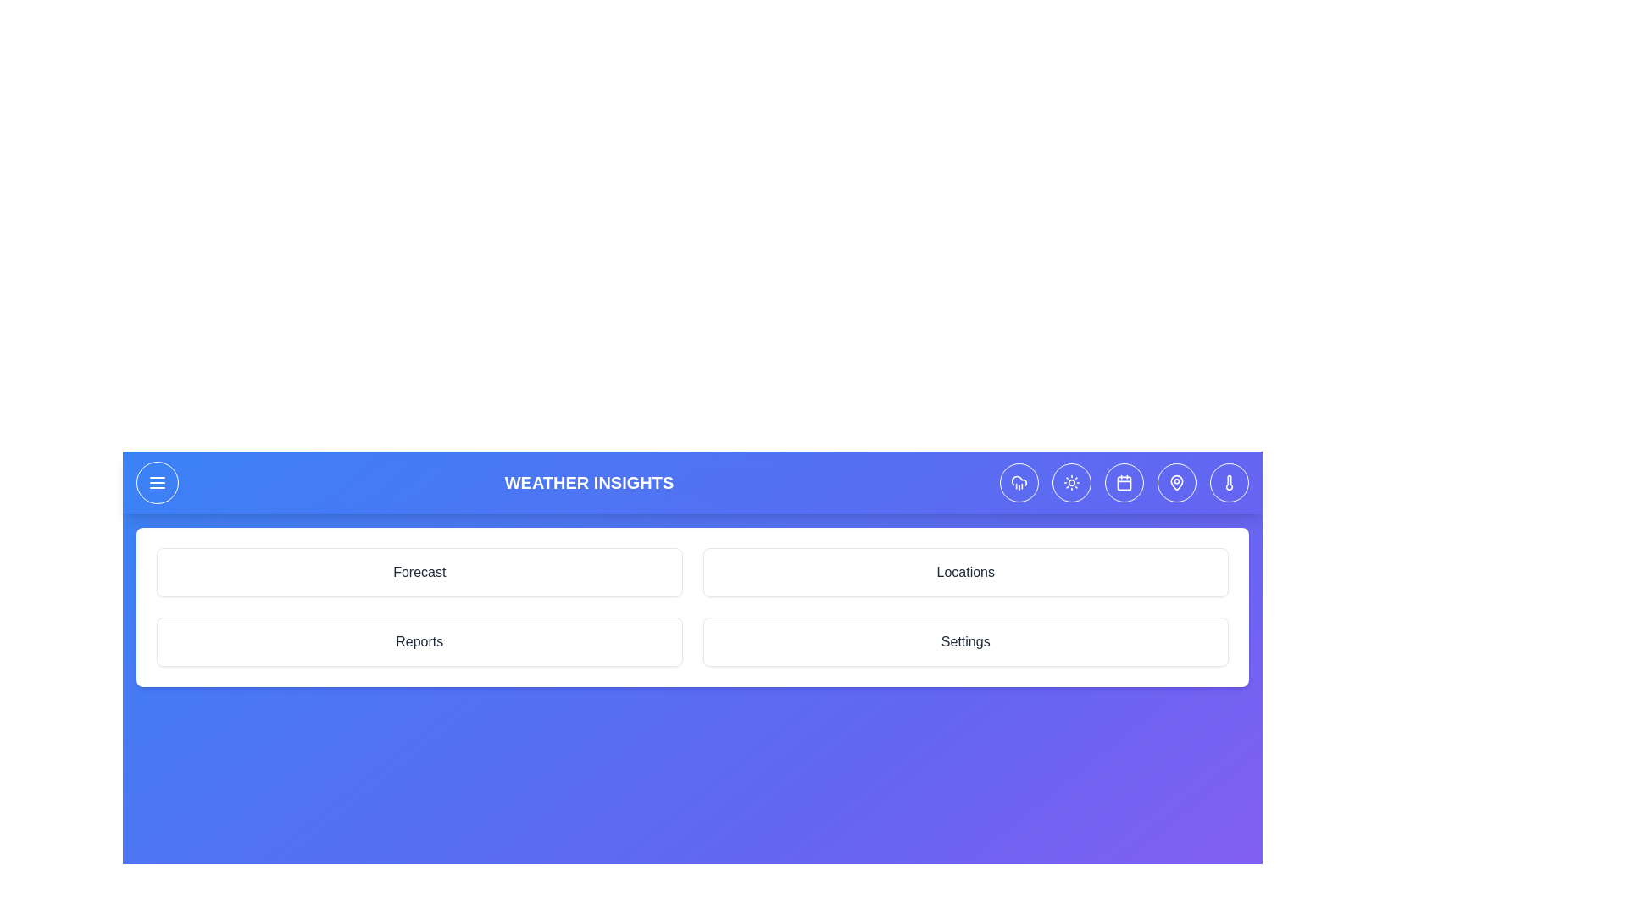  Describe the element at coordinates (1124, 483) in the screenshot. I see `the calendar icon in the header` at that location.